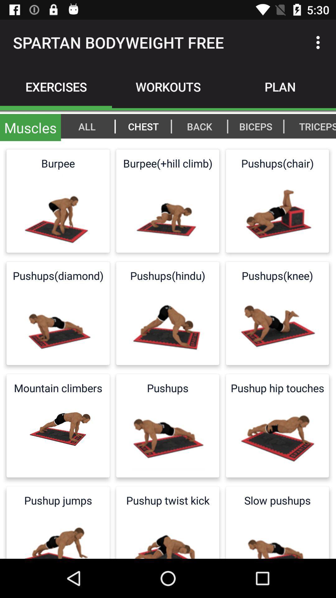 The image size is (336, 598). Describe the element at coordinates (56, 86) in the screenshot. I see `the exercises` at that location.